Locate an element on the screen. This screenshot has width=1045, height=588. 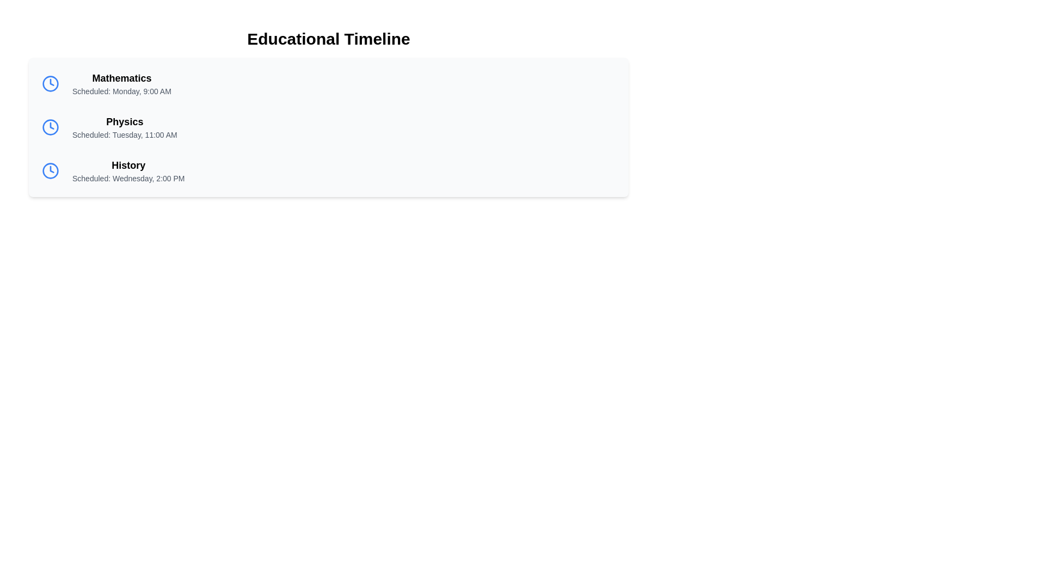
the icon representing the scheduled time for the 'Mathematics' subject, located to the left of the 'Mathematics' heading is located at coordinates (50, 83).